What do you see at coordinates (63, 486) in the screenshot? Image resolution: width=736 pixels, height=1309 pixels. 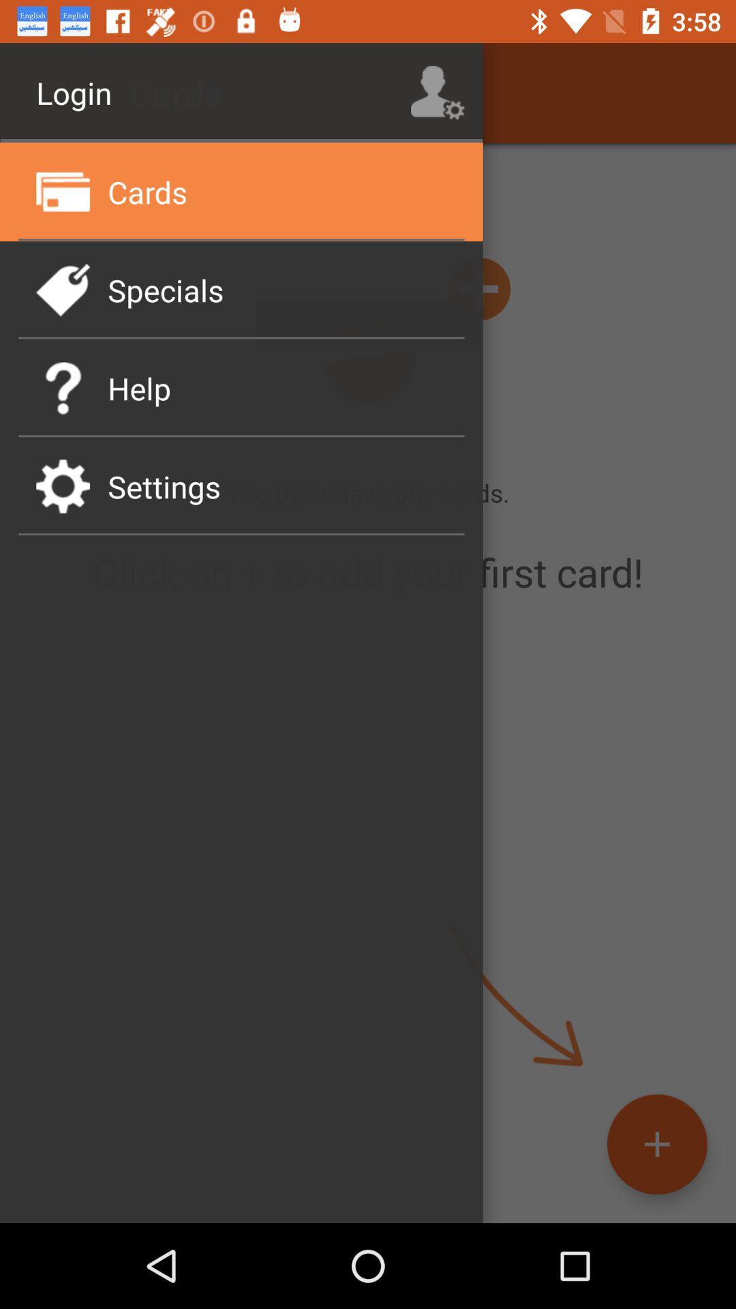 I see `the settings icon` at bounding box center [63, 486].